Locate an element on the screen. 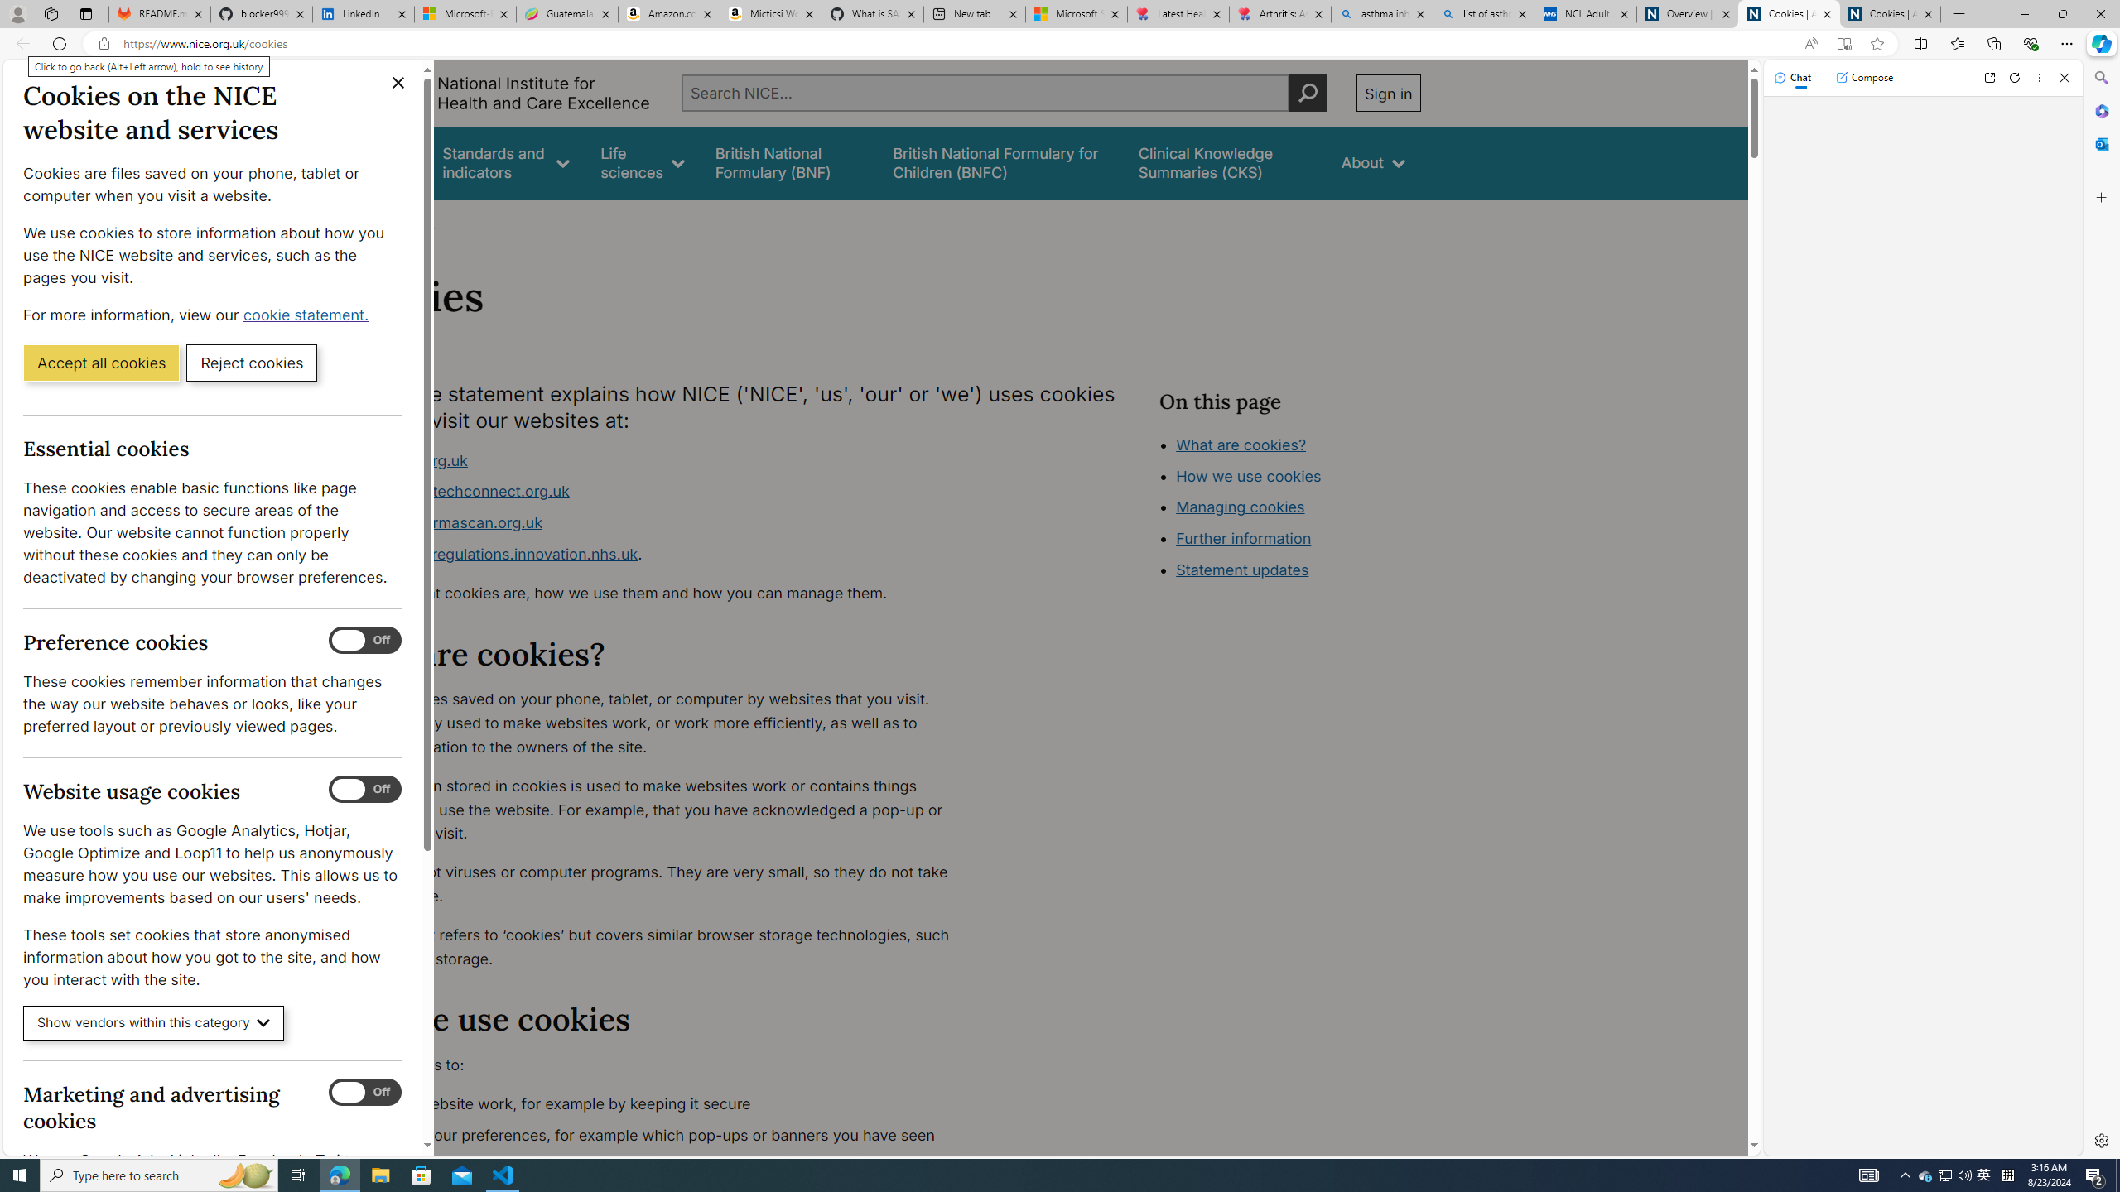  'asthma inhaler - Search' is located at coordinates (1381, 13).